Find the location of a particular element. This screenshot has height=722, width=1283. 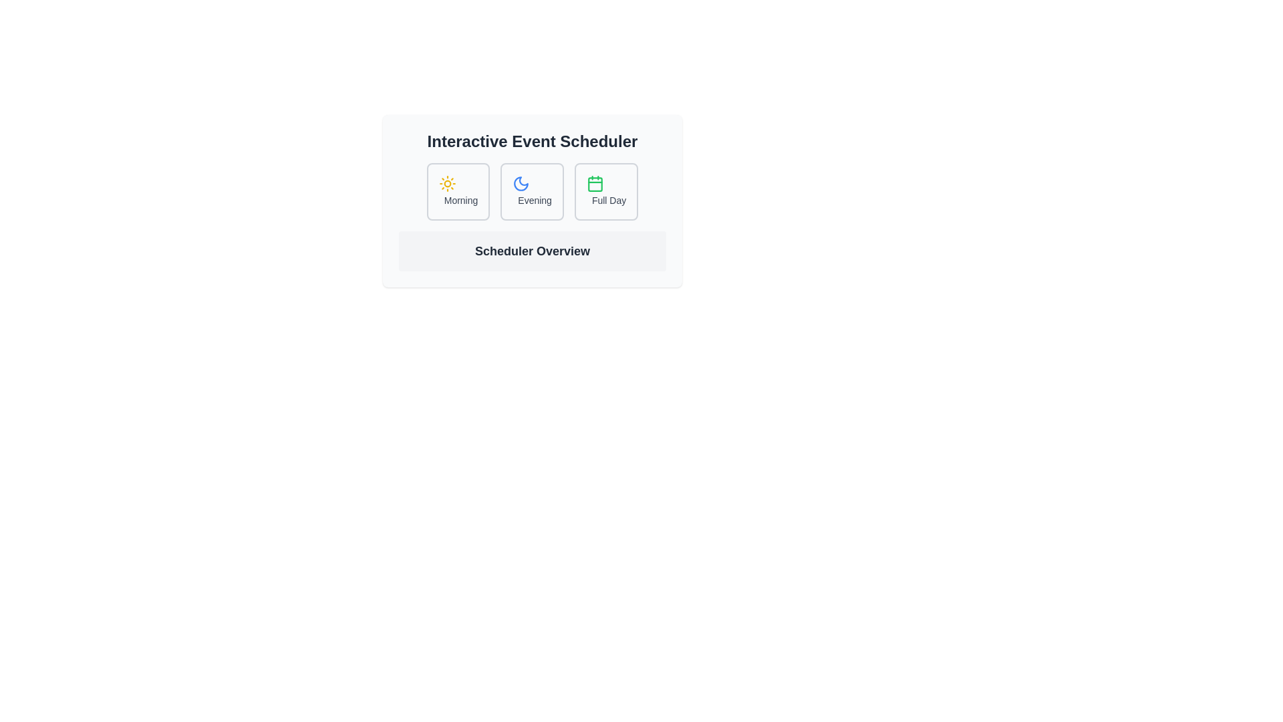

the 'Morning' button in the 'Interactive Event Scheduler' to activate hover animations is located at coordinates (458, 191).